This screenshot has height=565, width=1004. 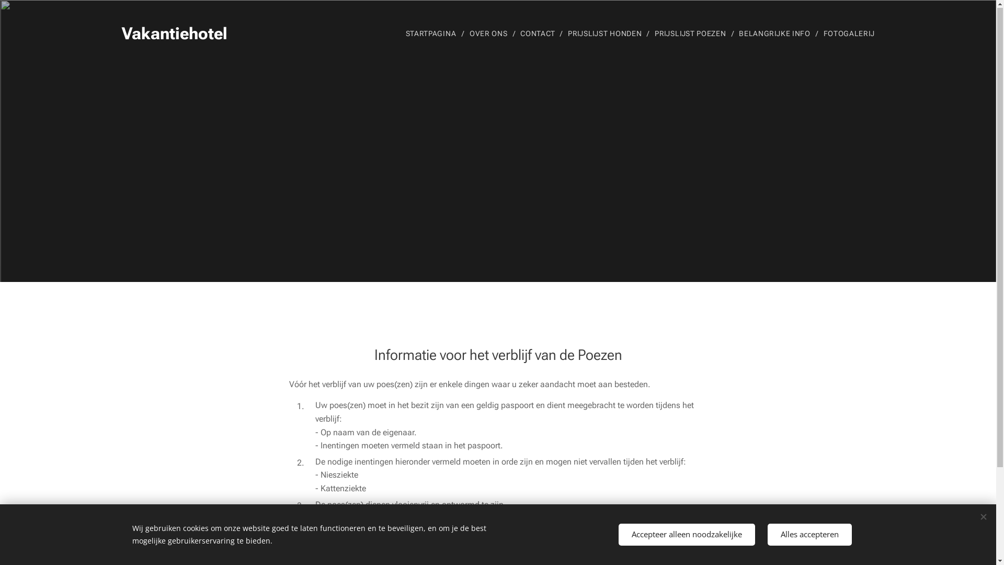 I want to click on 'FOTOGALERIJ', so click(x=846, y=33).